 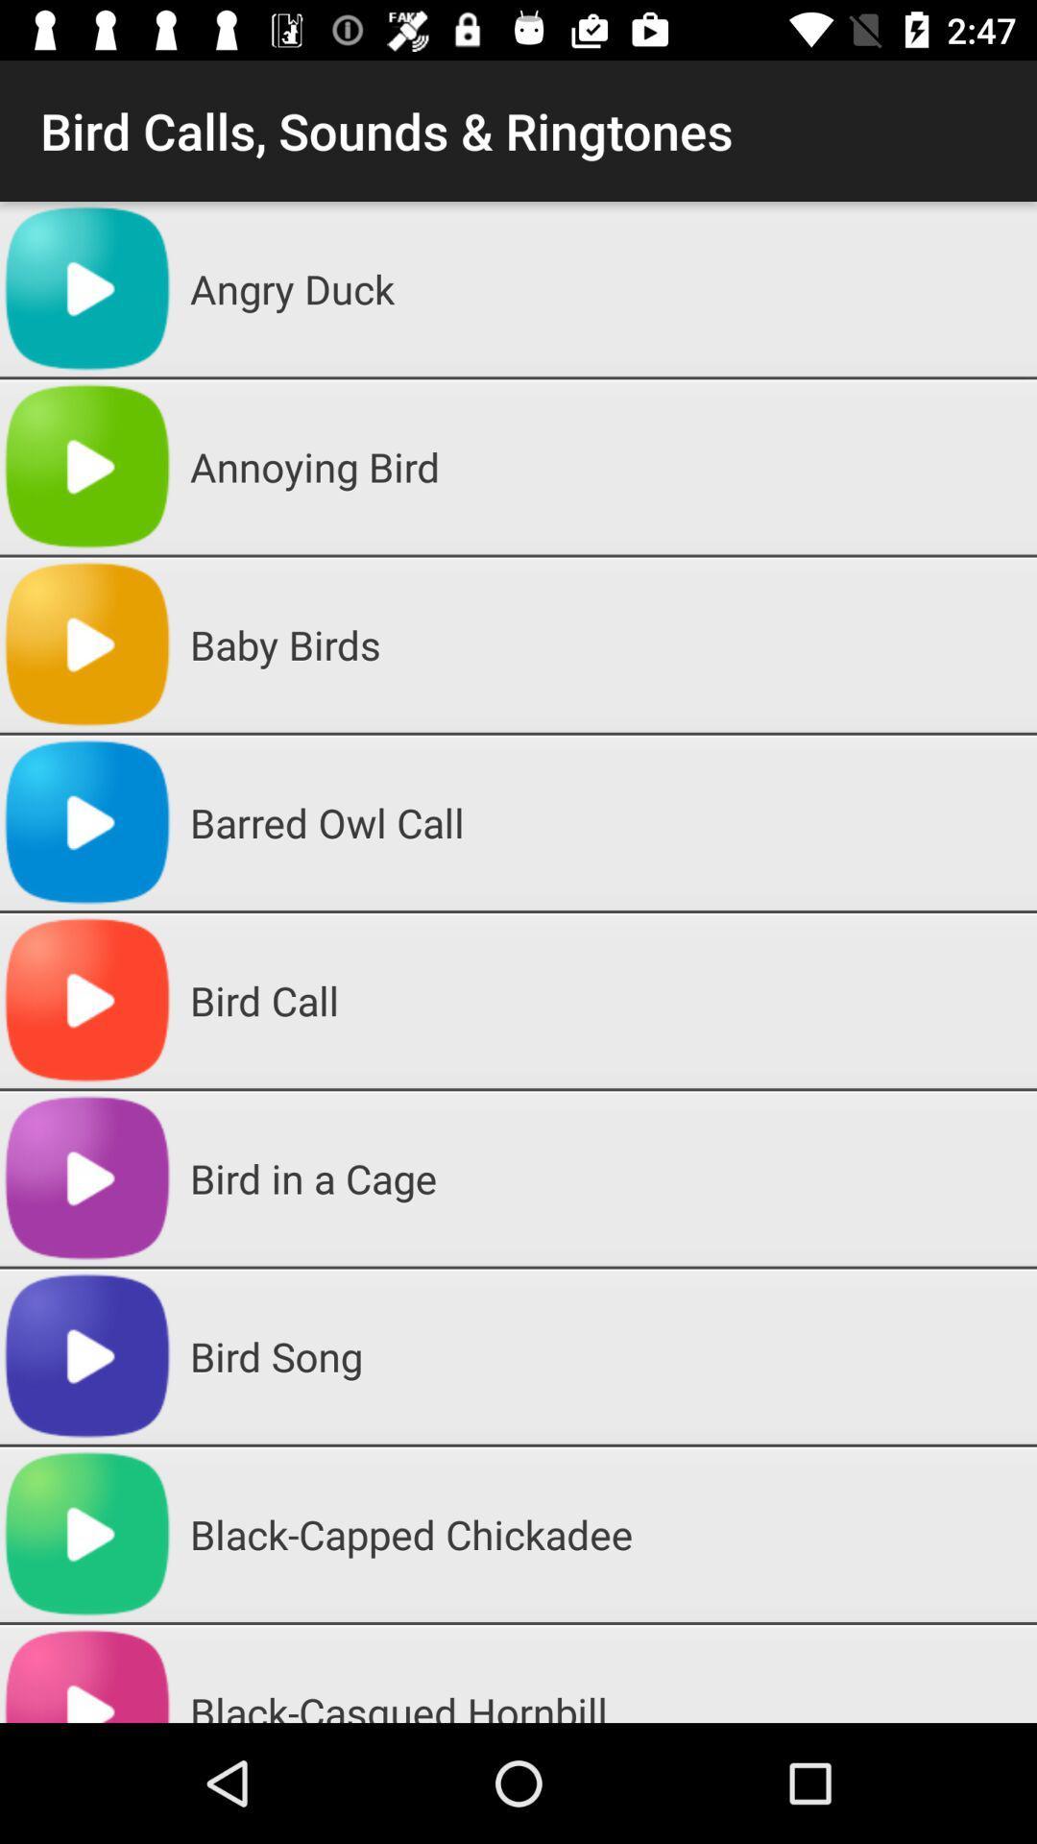 What do you see at coordinates (606, 1533) in the screenshot?
I see `black-capped chickadee app` at bounding box center [606, 1533].